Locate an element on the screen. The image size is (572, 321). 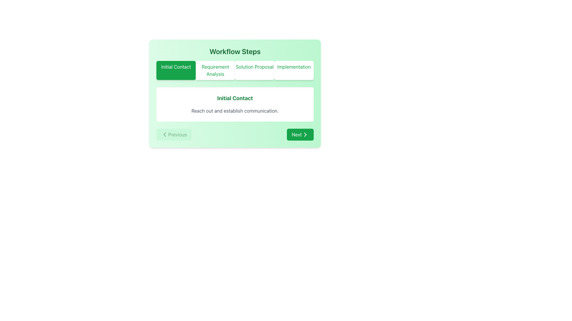
the Informational panel that describes the workflow step 'Initial Contact' positioned below the interactive buttons and above the 'Previous' and 'Next' buttons is located at coordinates (234, 104).